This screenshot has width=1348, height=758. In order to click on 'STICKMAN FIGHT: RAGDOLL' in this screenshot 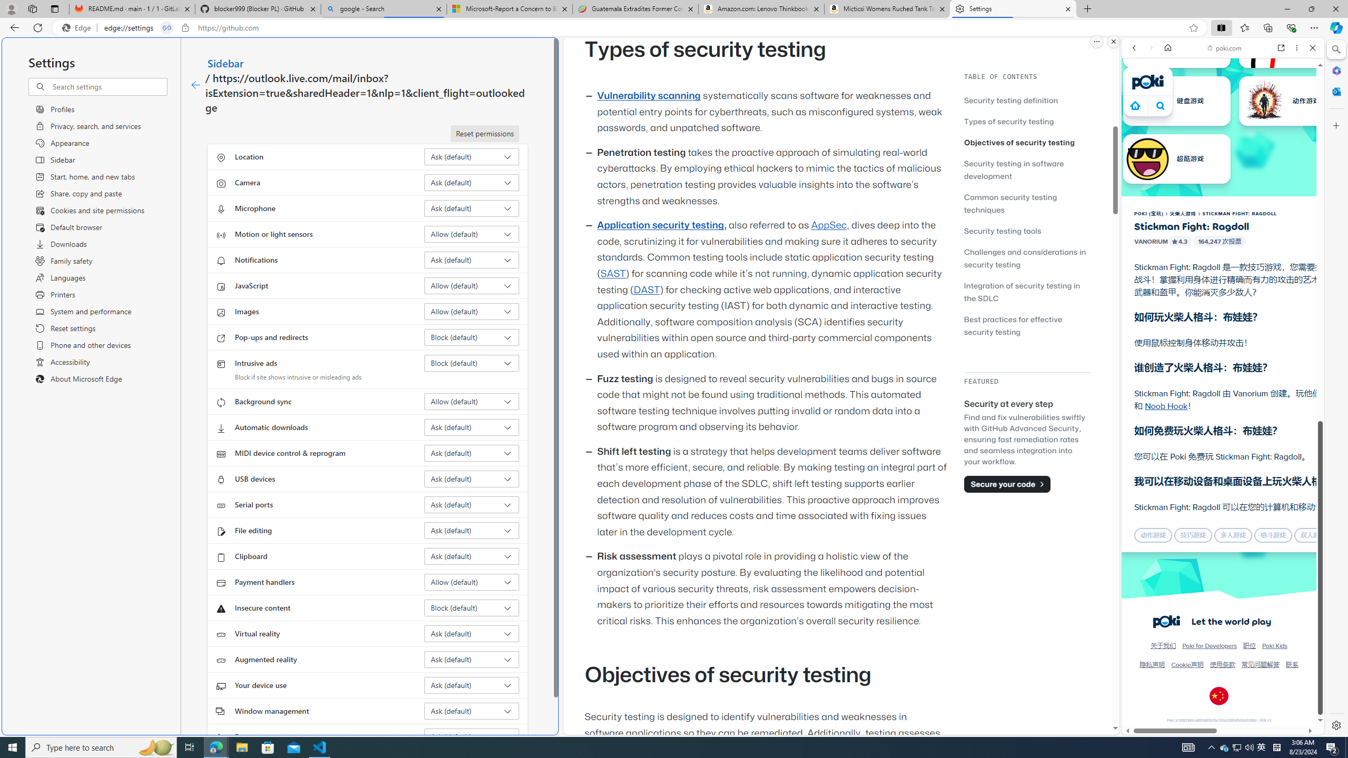, I will do `click(1240, 213)`.